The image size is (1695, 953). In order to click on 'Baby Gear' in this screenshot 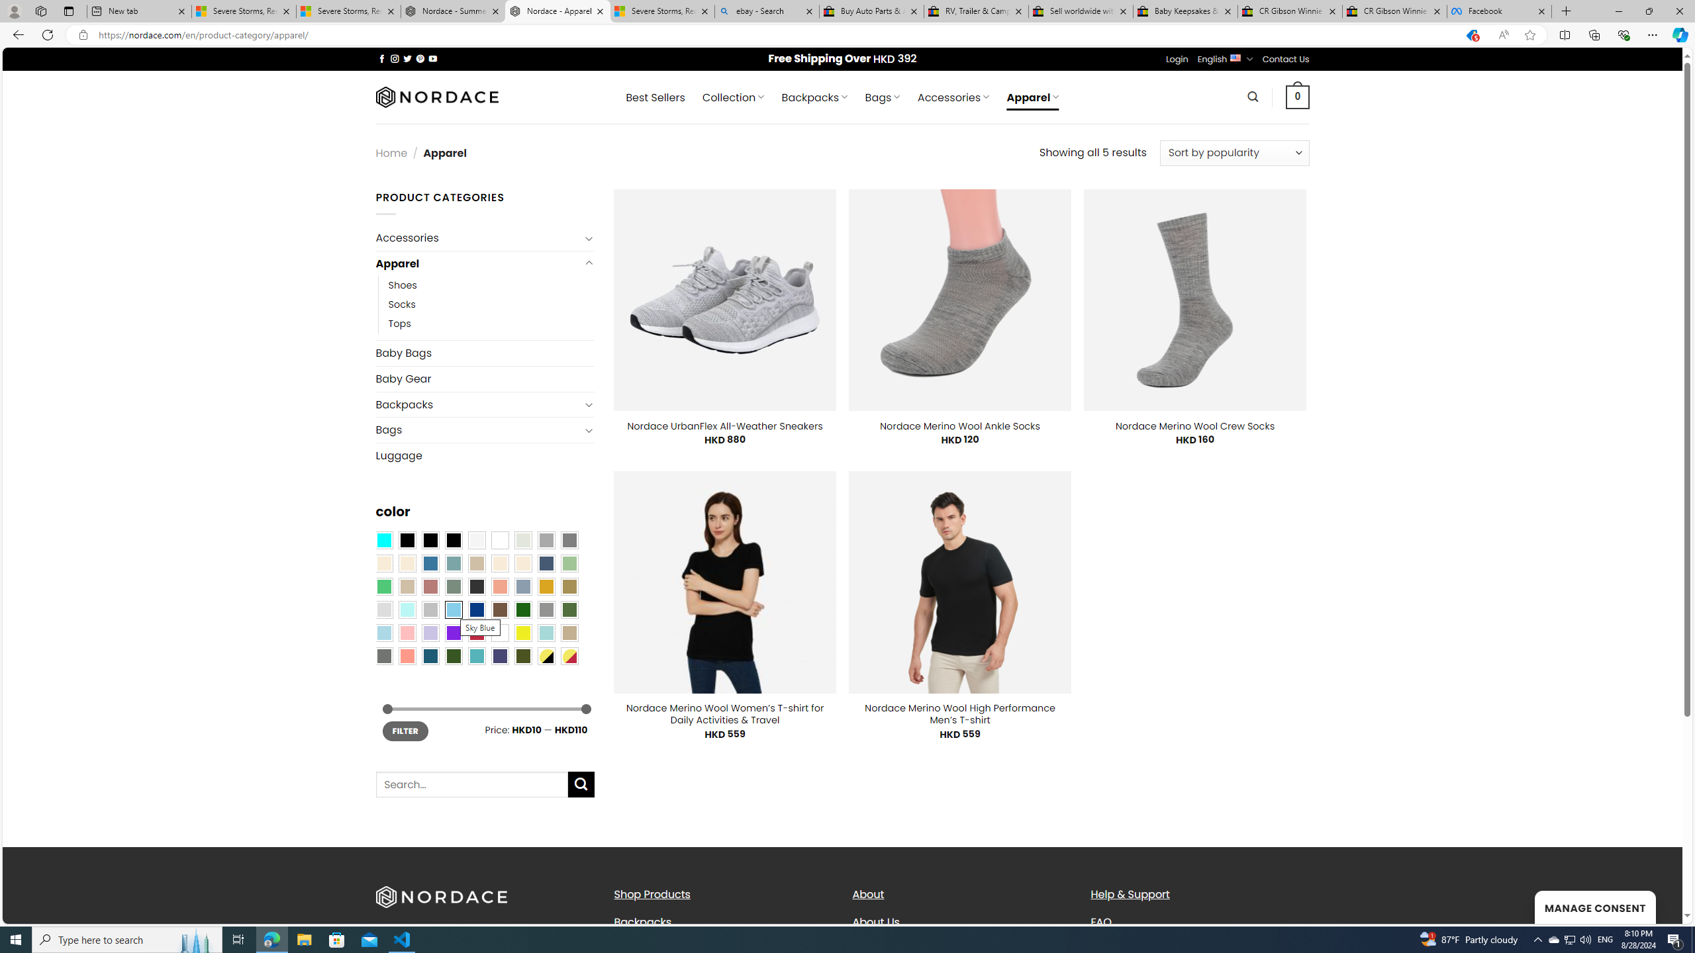, I will do `click(484, 378)`.